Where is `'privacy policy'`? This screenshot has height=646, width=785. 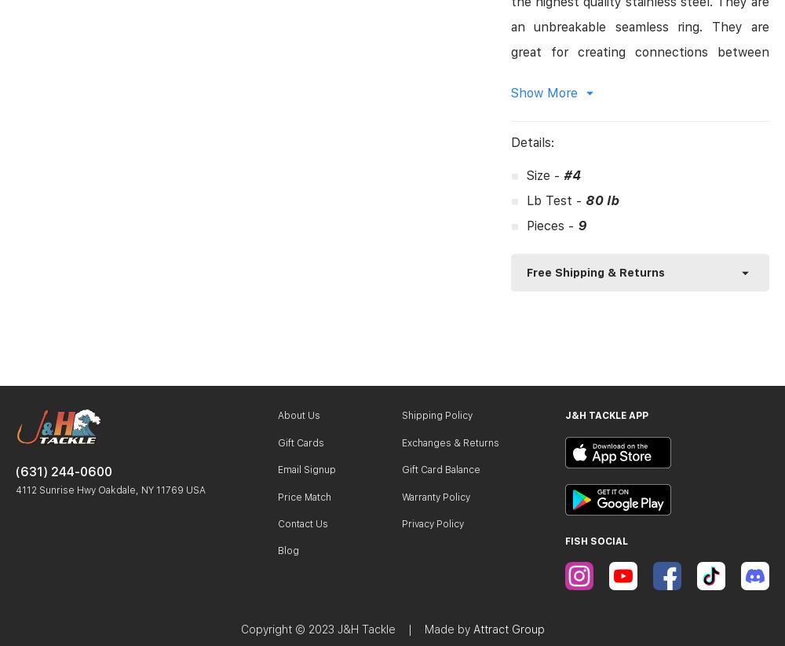 'privacy policy' is located at coordinates (433, 521).